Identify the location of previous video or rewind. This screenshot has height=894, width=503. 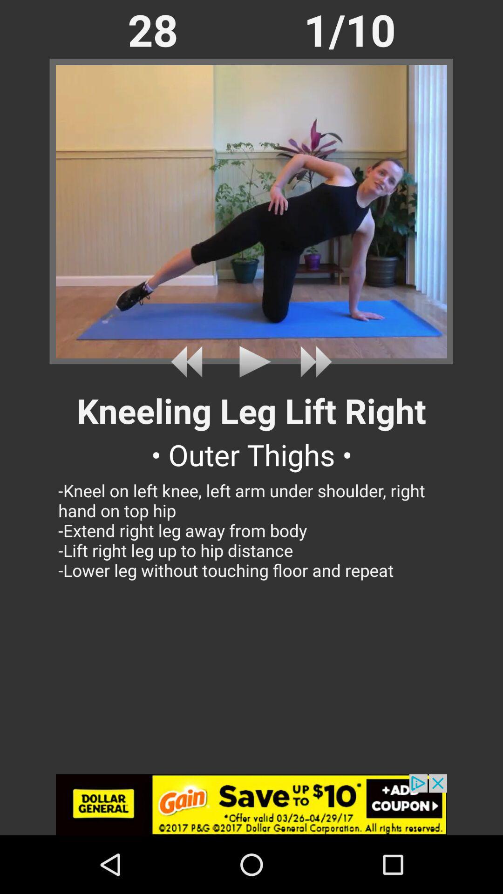
(190, 361).